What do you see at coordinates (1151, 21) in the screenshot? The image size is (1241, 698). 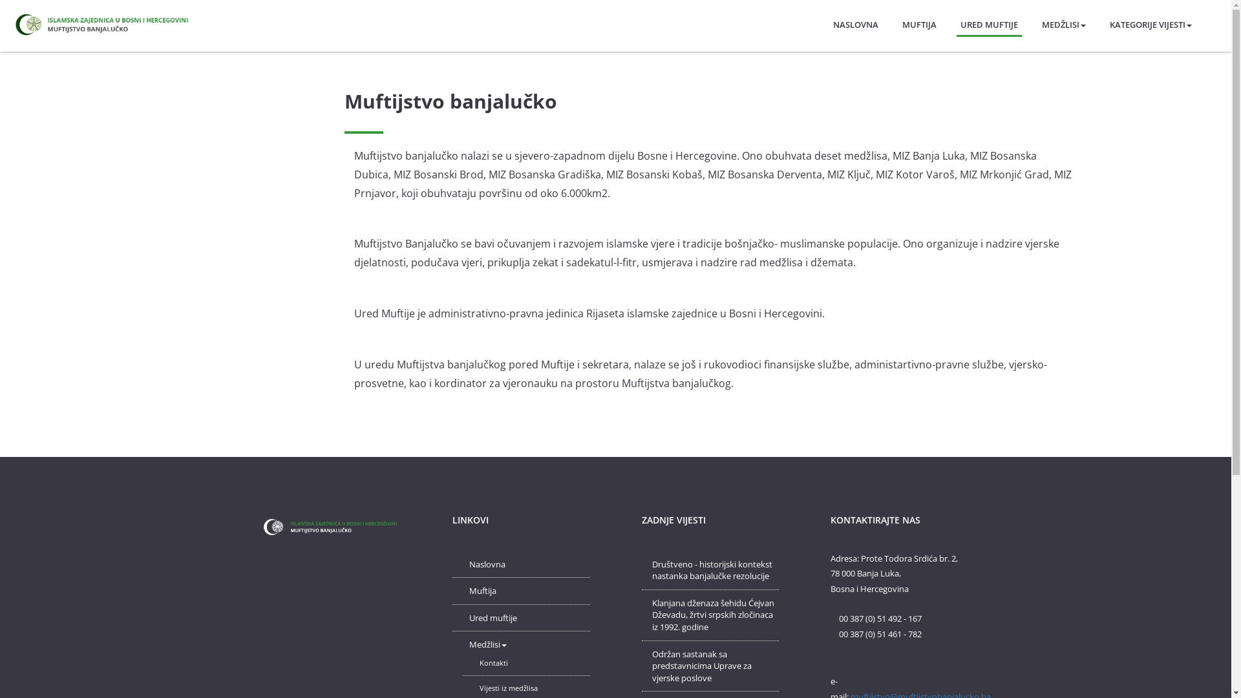 I see `'KATEGORIJE VIJESTI'` at bounding box center [1151, 21].